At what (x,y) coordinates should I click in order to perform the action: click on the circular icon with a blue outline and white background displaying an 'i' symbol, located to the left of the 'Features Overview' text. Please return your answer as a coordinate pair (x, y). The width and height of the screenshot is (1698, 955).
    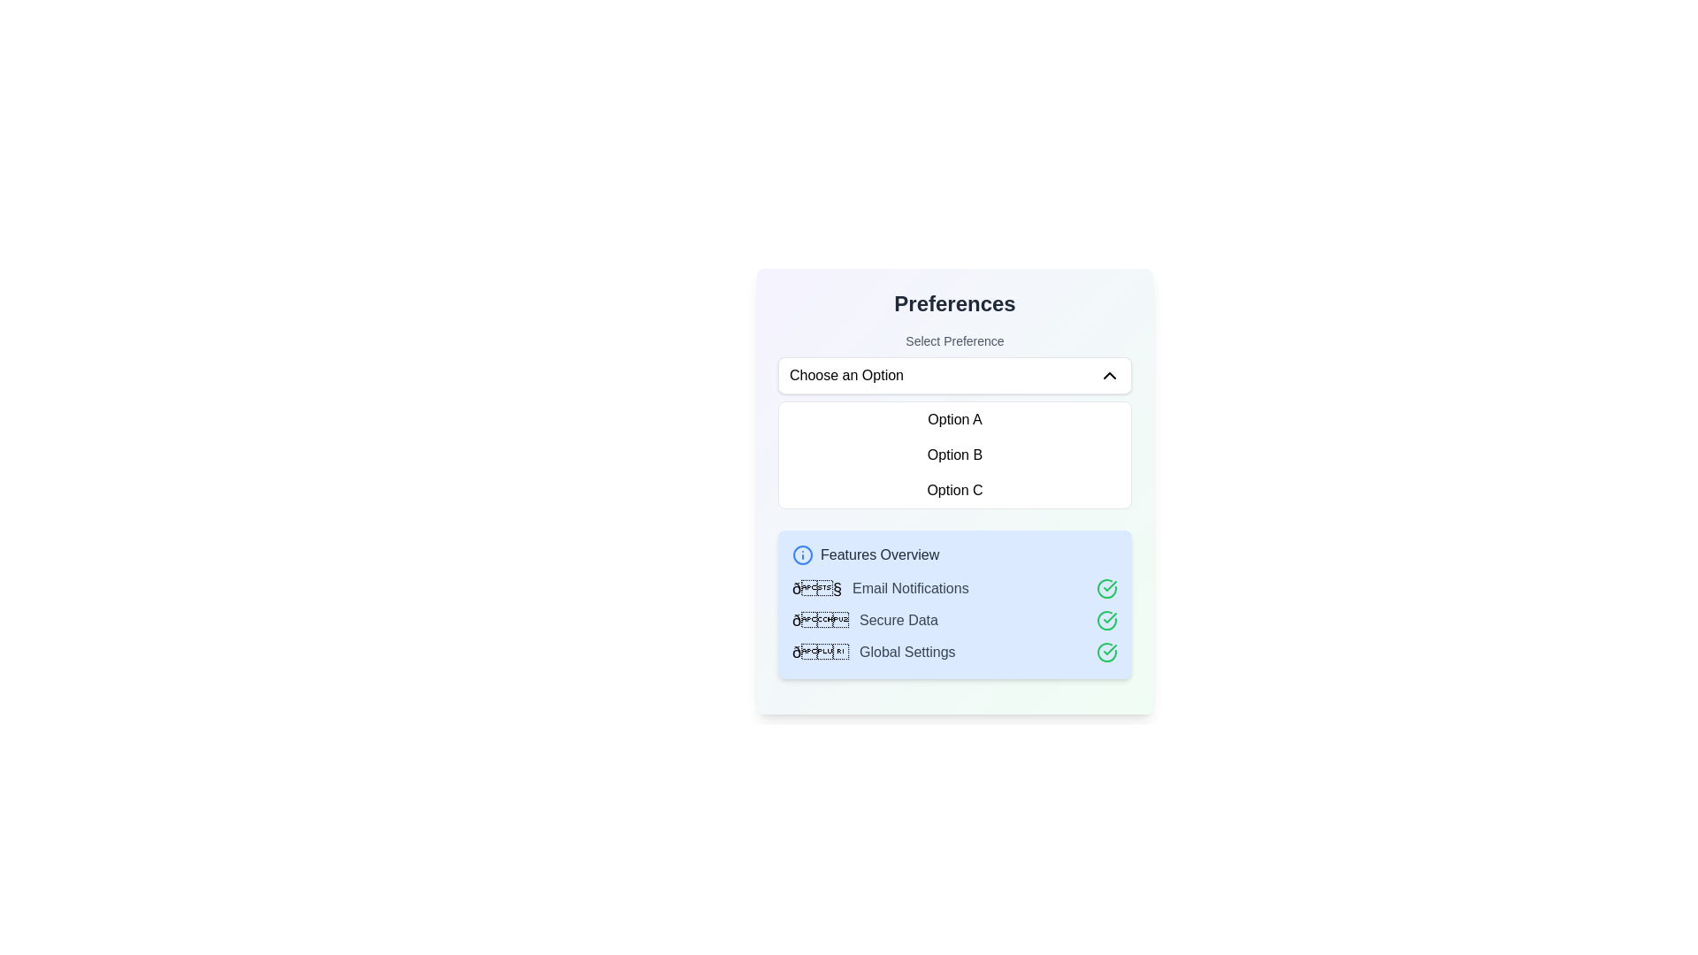
    Looking at the image, I should click on (801, 554).